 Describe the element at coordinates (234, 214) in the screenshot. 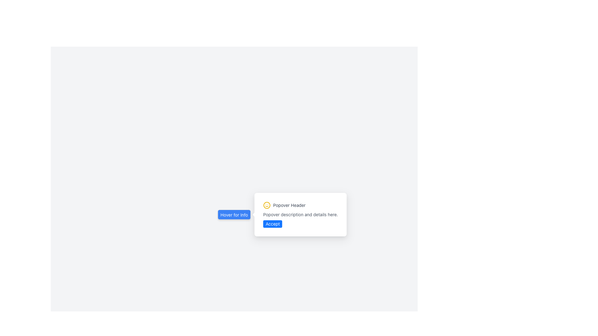

I see `the text 'Hover for Info' within the blue button to trigger the tooltip display` at that location.